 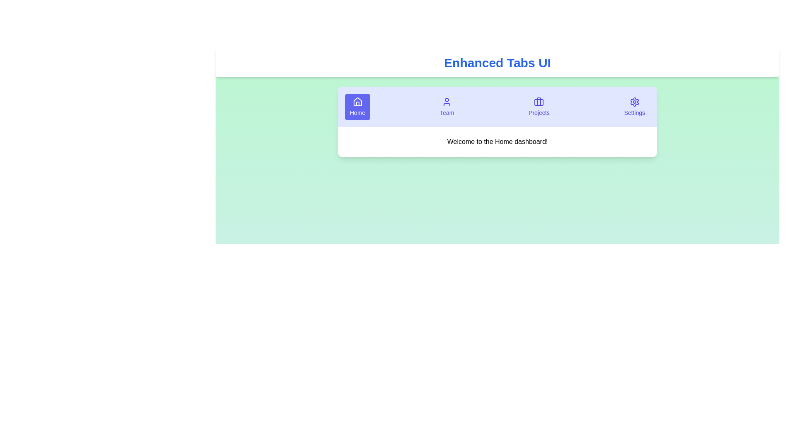 What do you see at coordinates (357, 101) in the screenshot?
I see `the 'Home' tab icon located in the navigation bar, which serves as a visual cue for this section` at bounding box center [357, 101].